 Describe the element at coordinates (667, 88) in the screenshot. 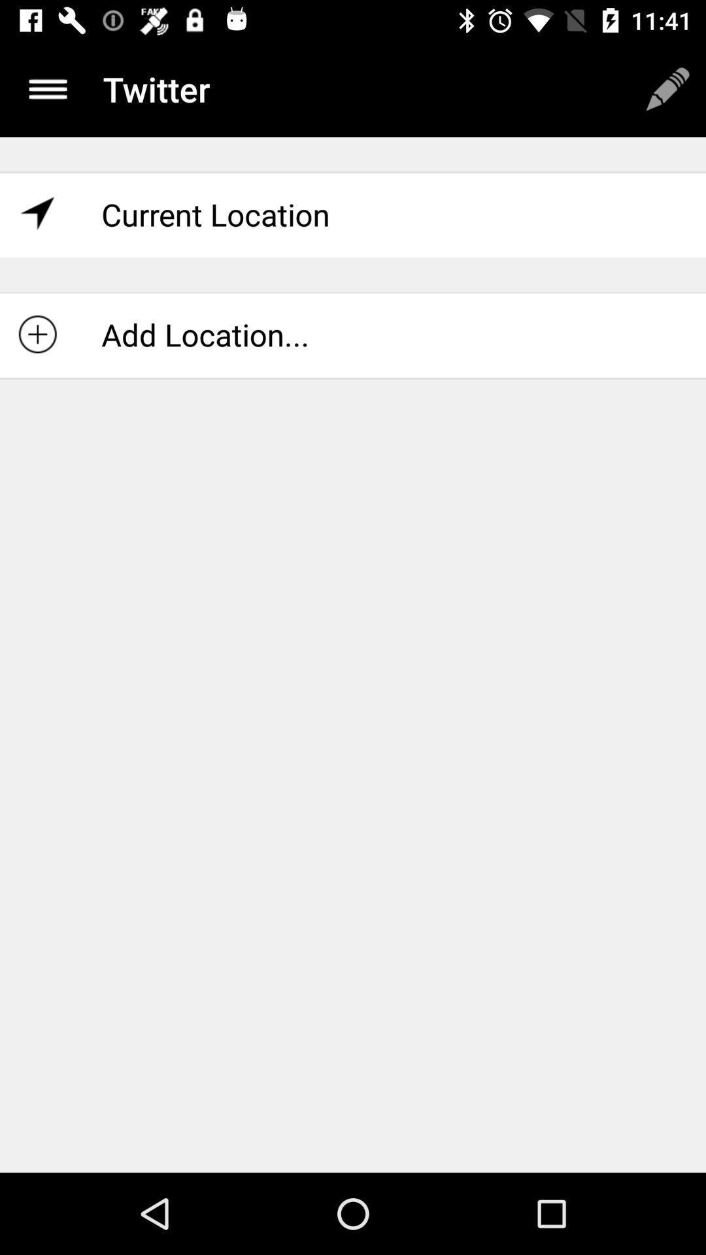

I see `new tweet` at that location.